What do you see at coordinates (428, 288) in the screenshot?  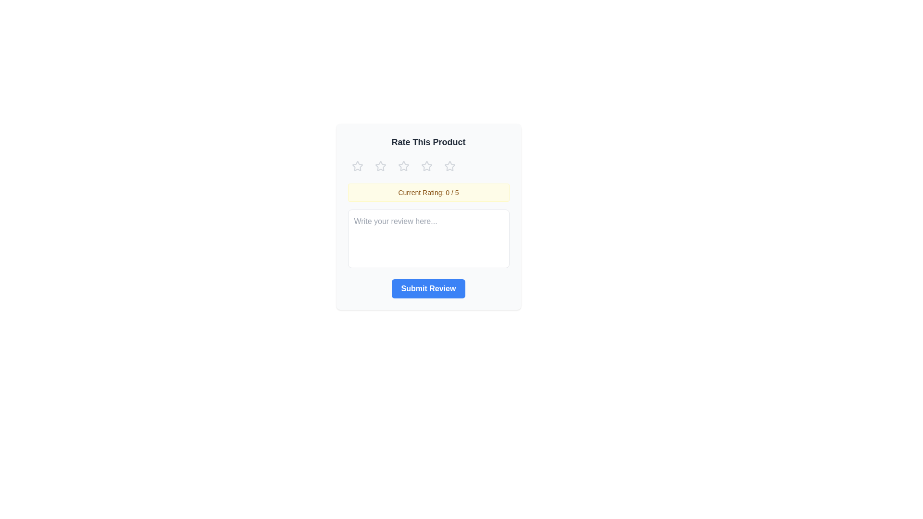 I see `'Submit Review' button to submit the review` at bounding box center [428, 288].